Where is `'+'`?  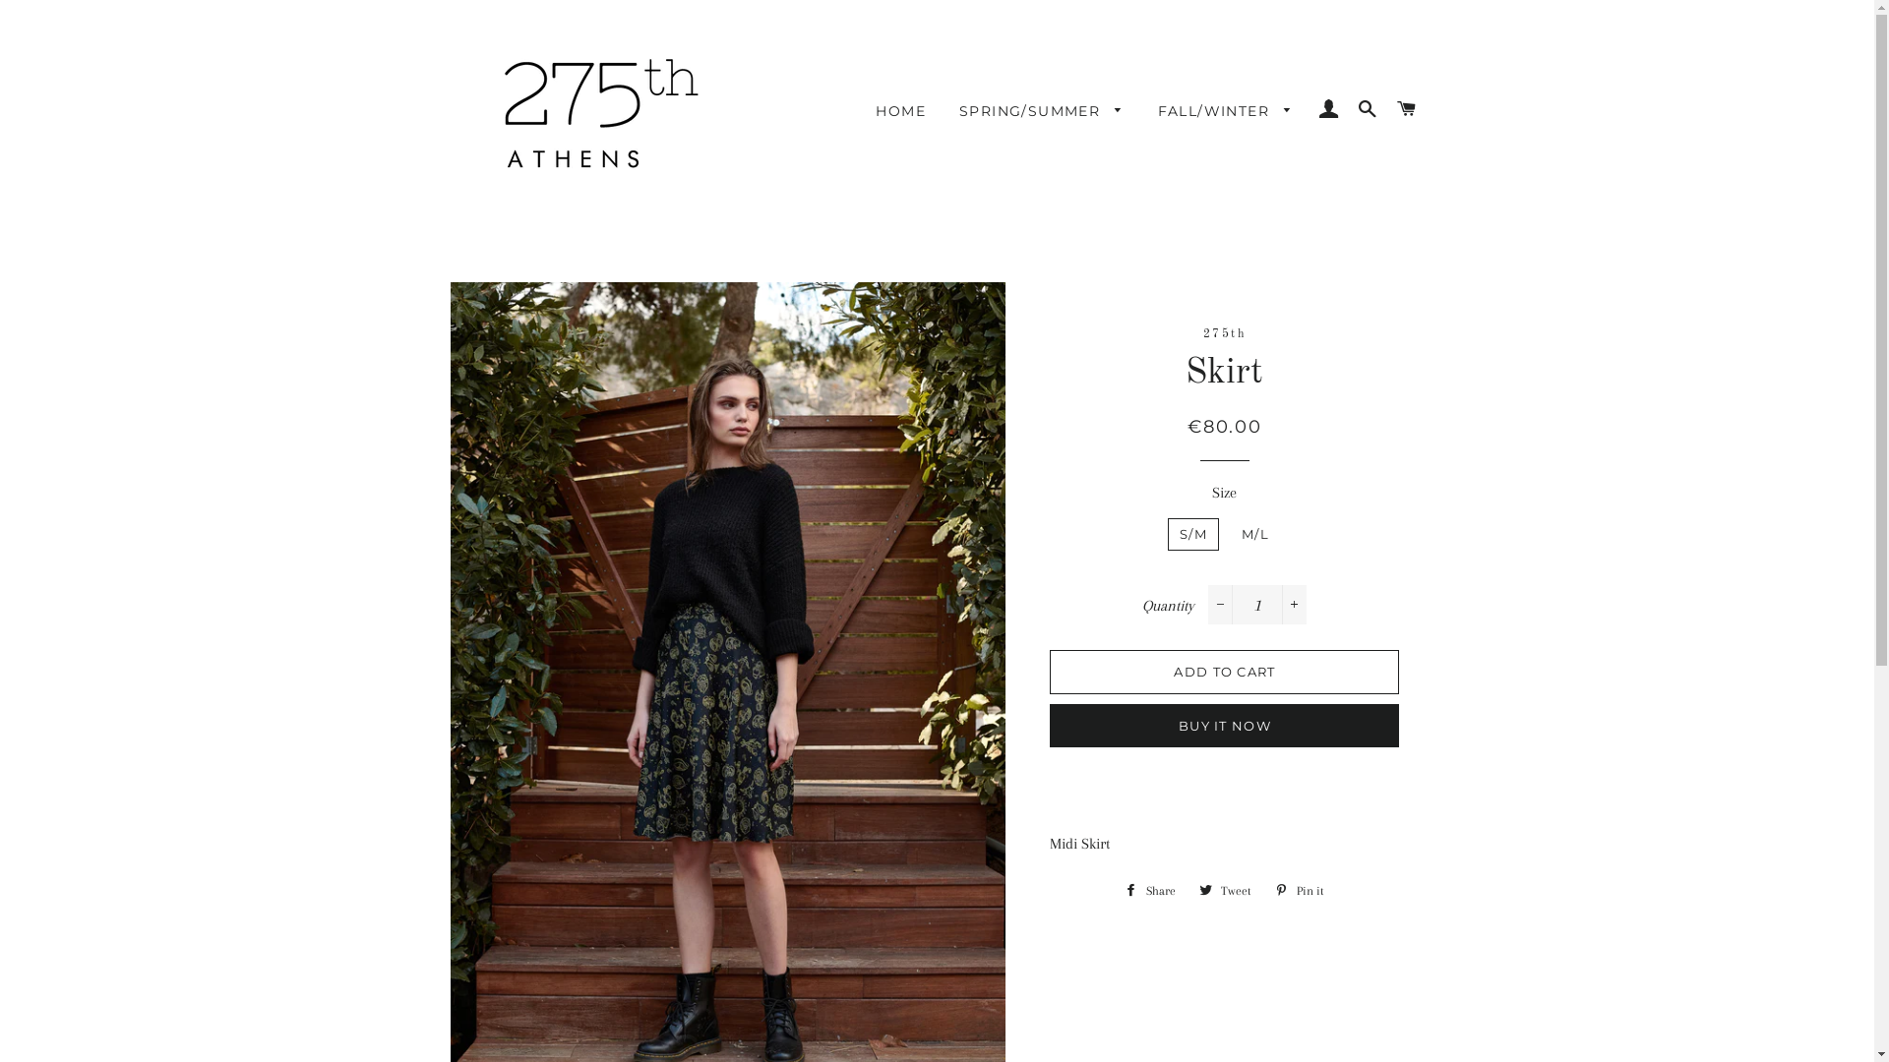
'+' is located at coordinates (1294, 603).